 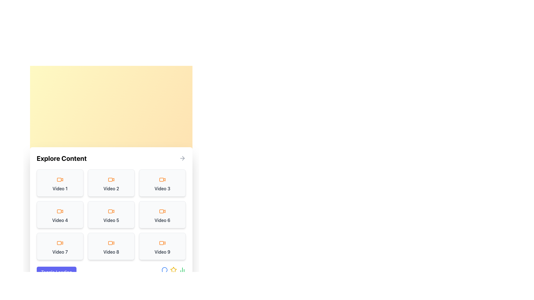 I want to click on the 'Toggle Loading' button, so click(x=56, y=272).